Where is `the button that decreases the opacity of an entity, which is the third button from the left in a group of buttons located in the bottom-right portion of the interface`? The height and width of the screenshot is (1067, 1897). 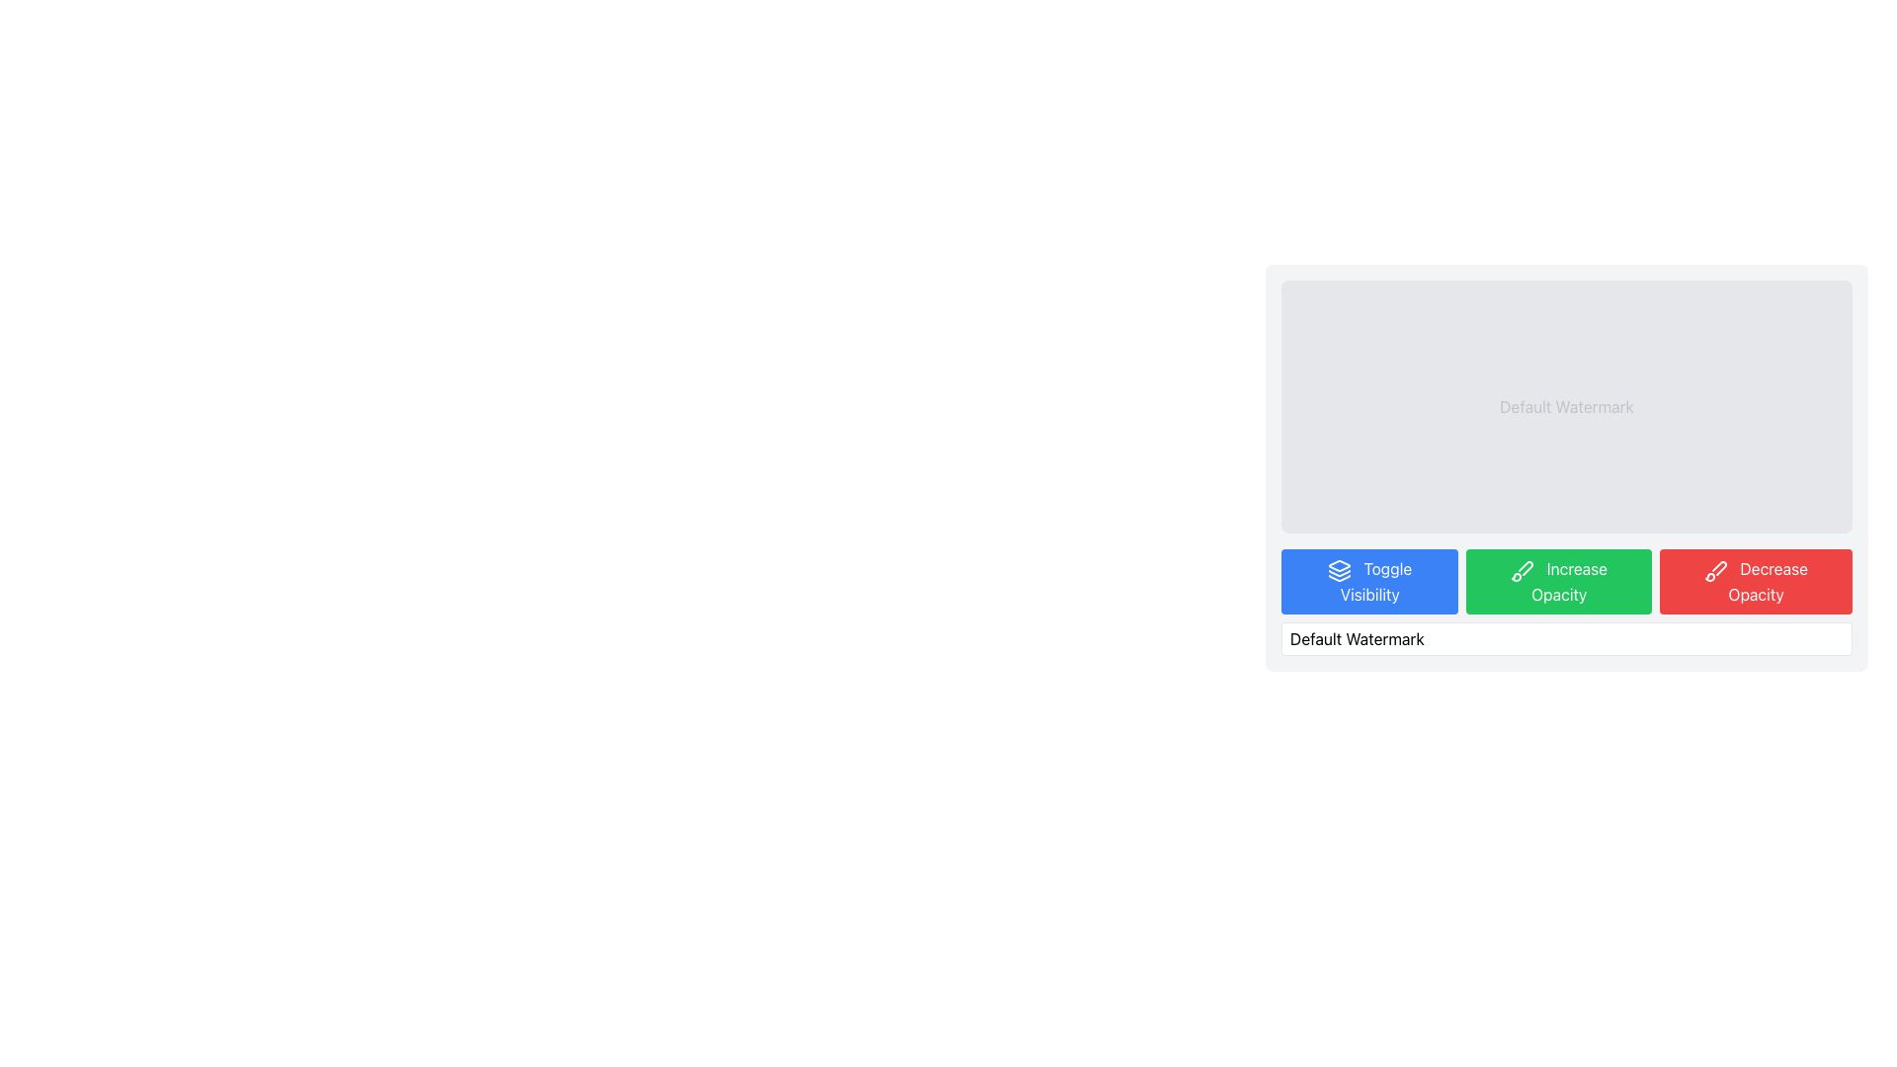
the button that decreases the opacity of an entity, which is the third button from the left in a group of buttons located in the bottom-right portion of the interface is located at coordinates (1756, 580).